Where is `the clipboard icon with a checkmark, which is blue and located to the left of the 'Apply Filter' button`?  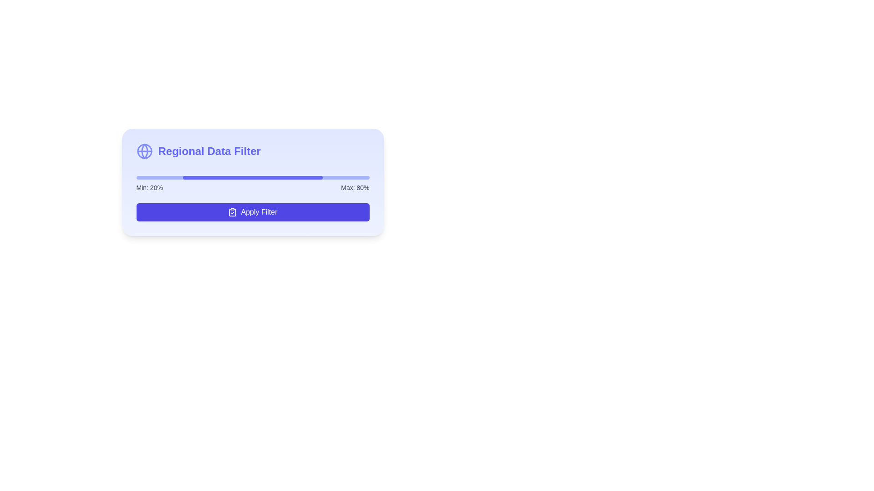
the clipboard icon with a checkmark, which is blue and located to the left of the 'Apply Filter' button is located at coordinates (233, 212).